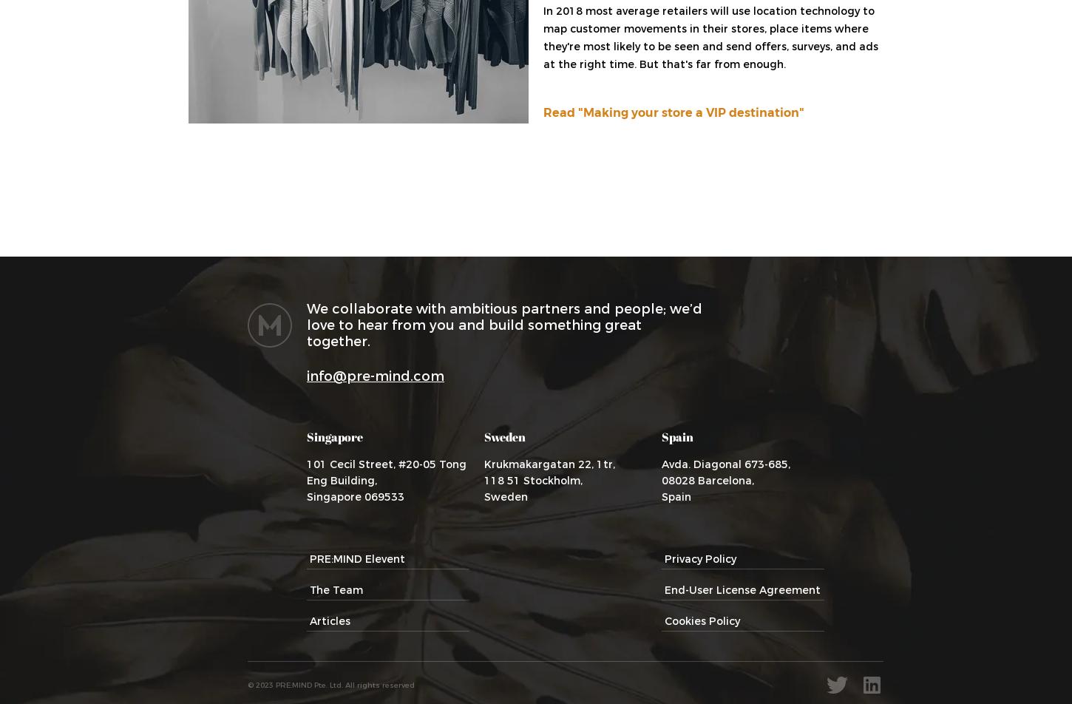 The image size is (1072, 704). What do you see at coordinates (707, 481) in the screenshot?
I see `'08028 Barcelona,'` at bounding box center [707, 481].